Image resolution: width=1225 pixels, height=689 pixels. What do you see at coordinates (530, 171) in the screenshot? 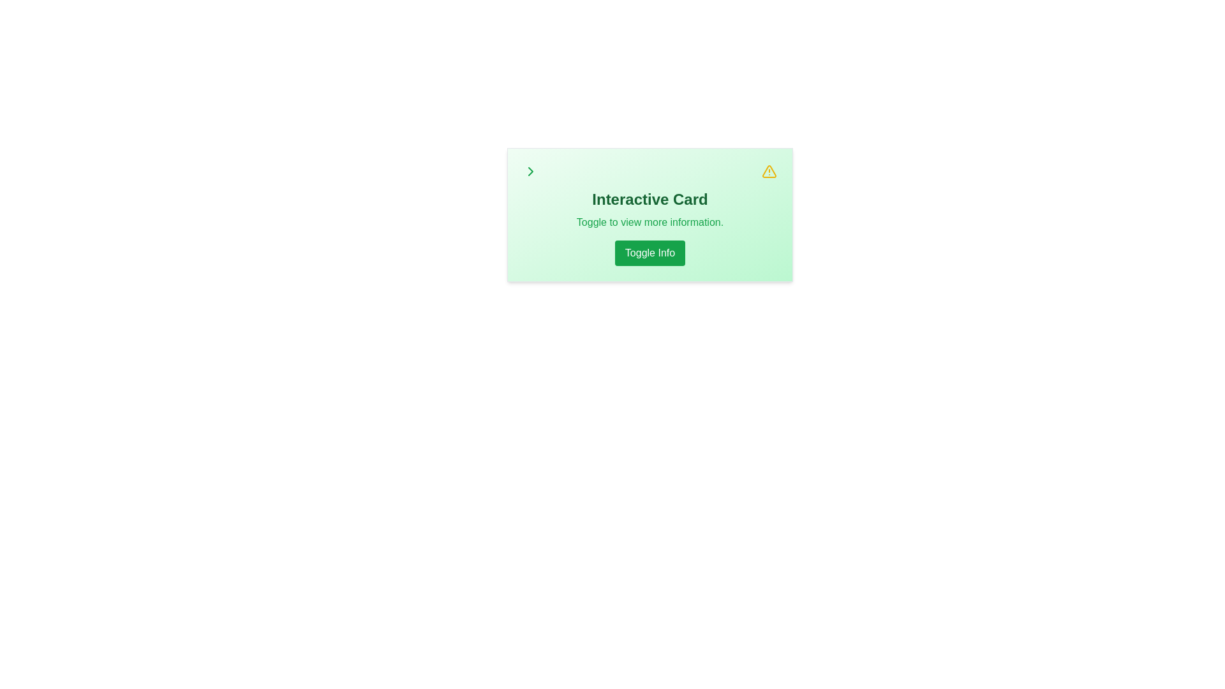
I see `the chevron-right icon located in the top-right corner of the green-themed card layout` at bounding box center [530, 171].